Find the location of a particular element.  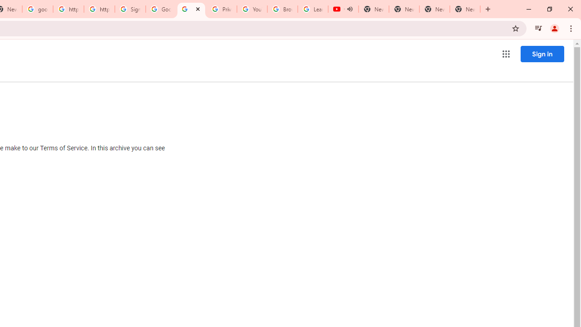

'YouTube' is located at coordinates (252, 9).